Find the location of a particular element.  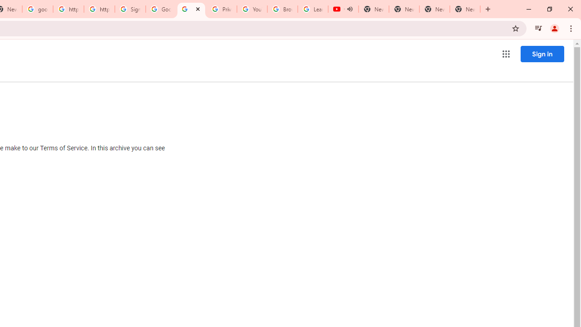

'YouTube' is located at coordinates (252, 9).